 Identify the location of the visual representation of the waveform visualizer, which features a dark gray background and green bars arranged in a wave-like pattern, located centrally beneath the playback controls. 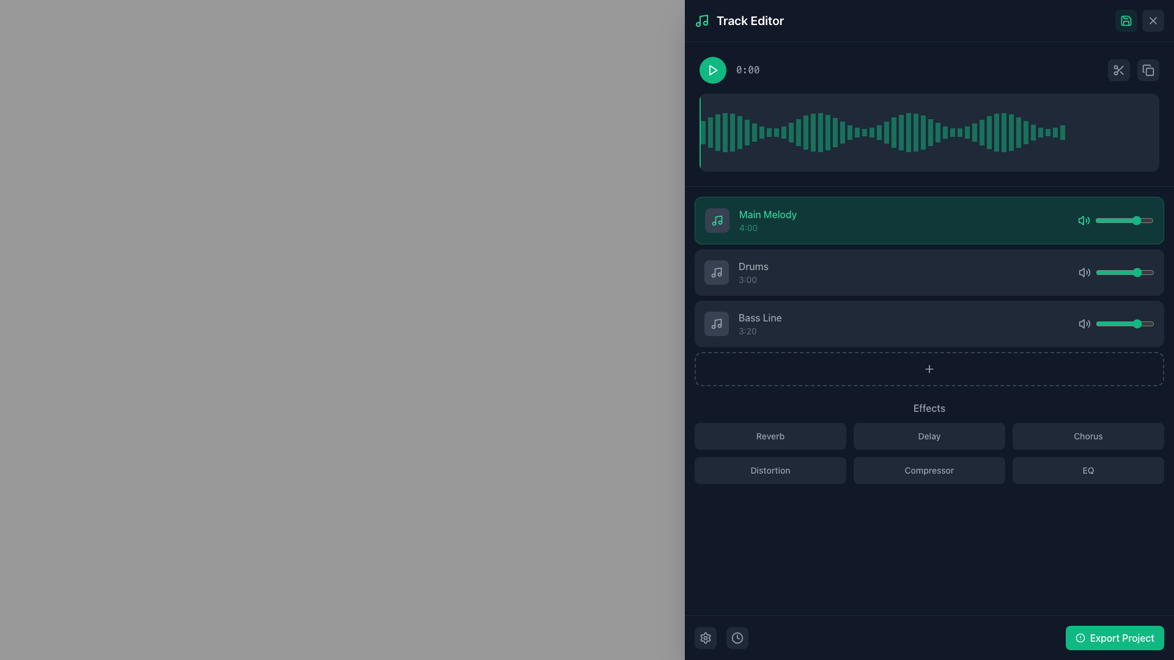
(929, 132).